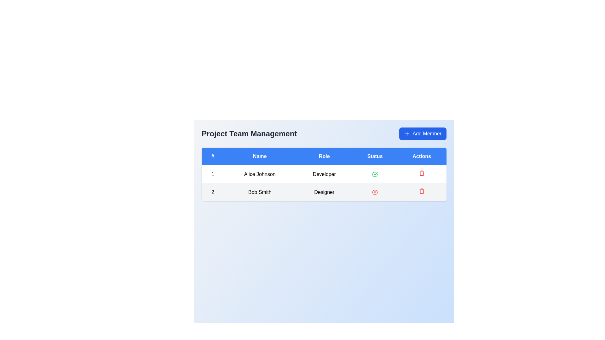 This screenshot has width=605, height=340. I want to click on the text label displaying 'Developer' in the first row under the 'Role' column for 'Alice Johnson', so click(324, 174).